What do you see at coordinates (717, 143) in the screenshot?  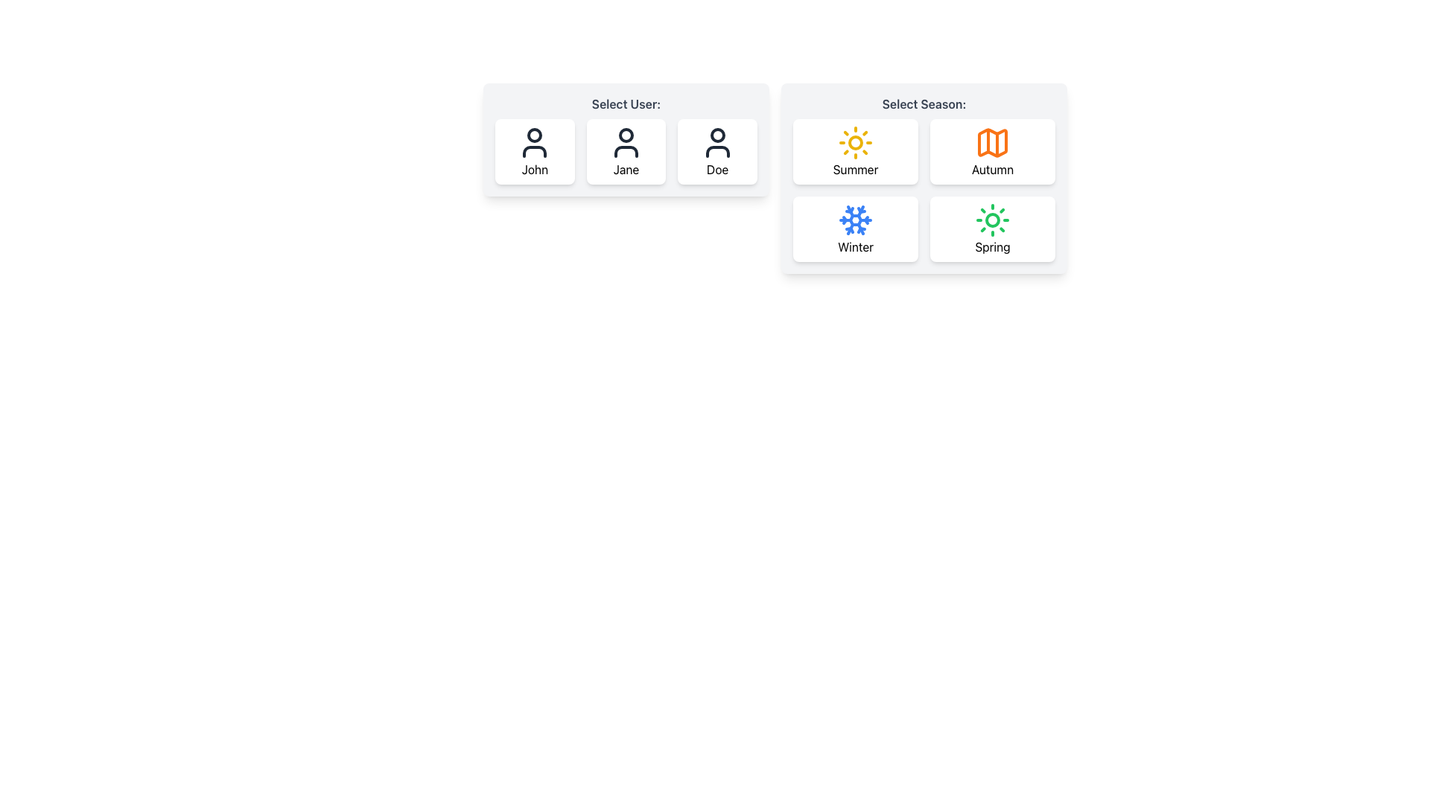 I see `the user selection icon representing user 'Doe' located in the third position of the horizontal list under the 'Select User:' section` at bounding box center [717, 143].